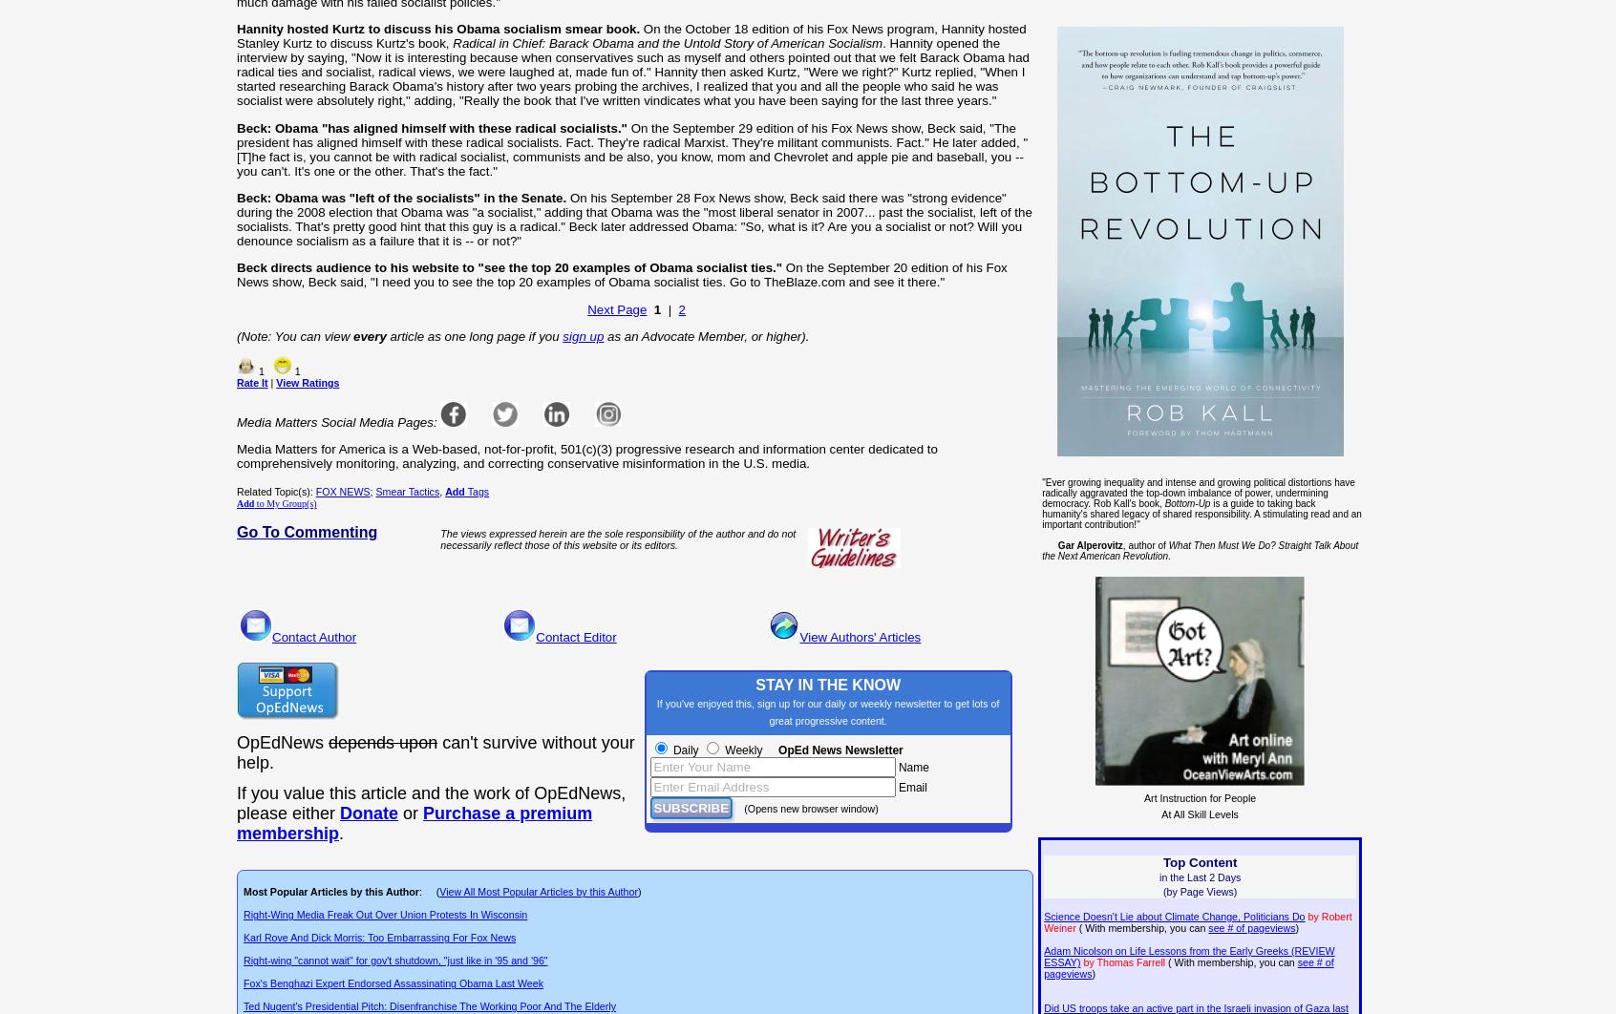  Describe the element at coordinates (369, 335) in the screenshot. I see `'every'` at that location.